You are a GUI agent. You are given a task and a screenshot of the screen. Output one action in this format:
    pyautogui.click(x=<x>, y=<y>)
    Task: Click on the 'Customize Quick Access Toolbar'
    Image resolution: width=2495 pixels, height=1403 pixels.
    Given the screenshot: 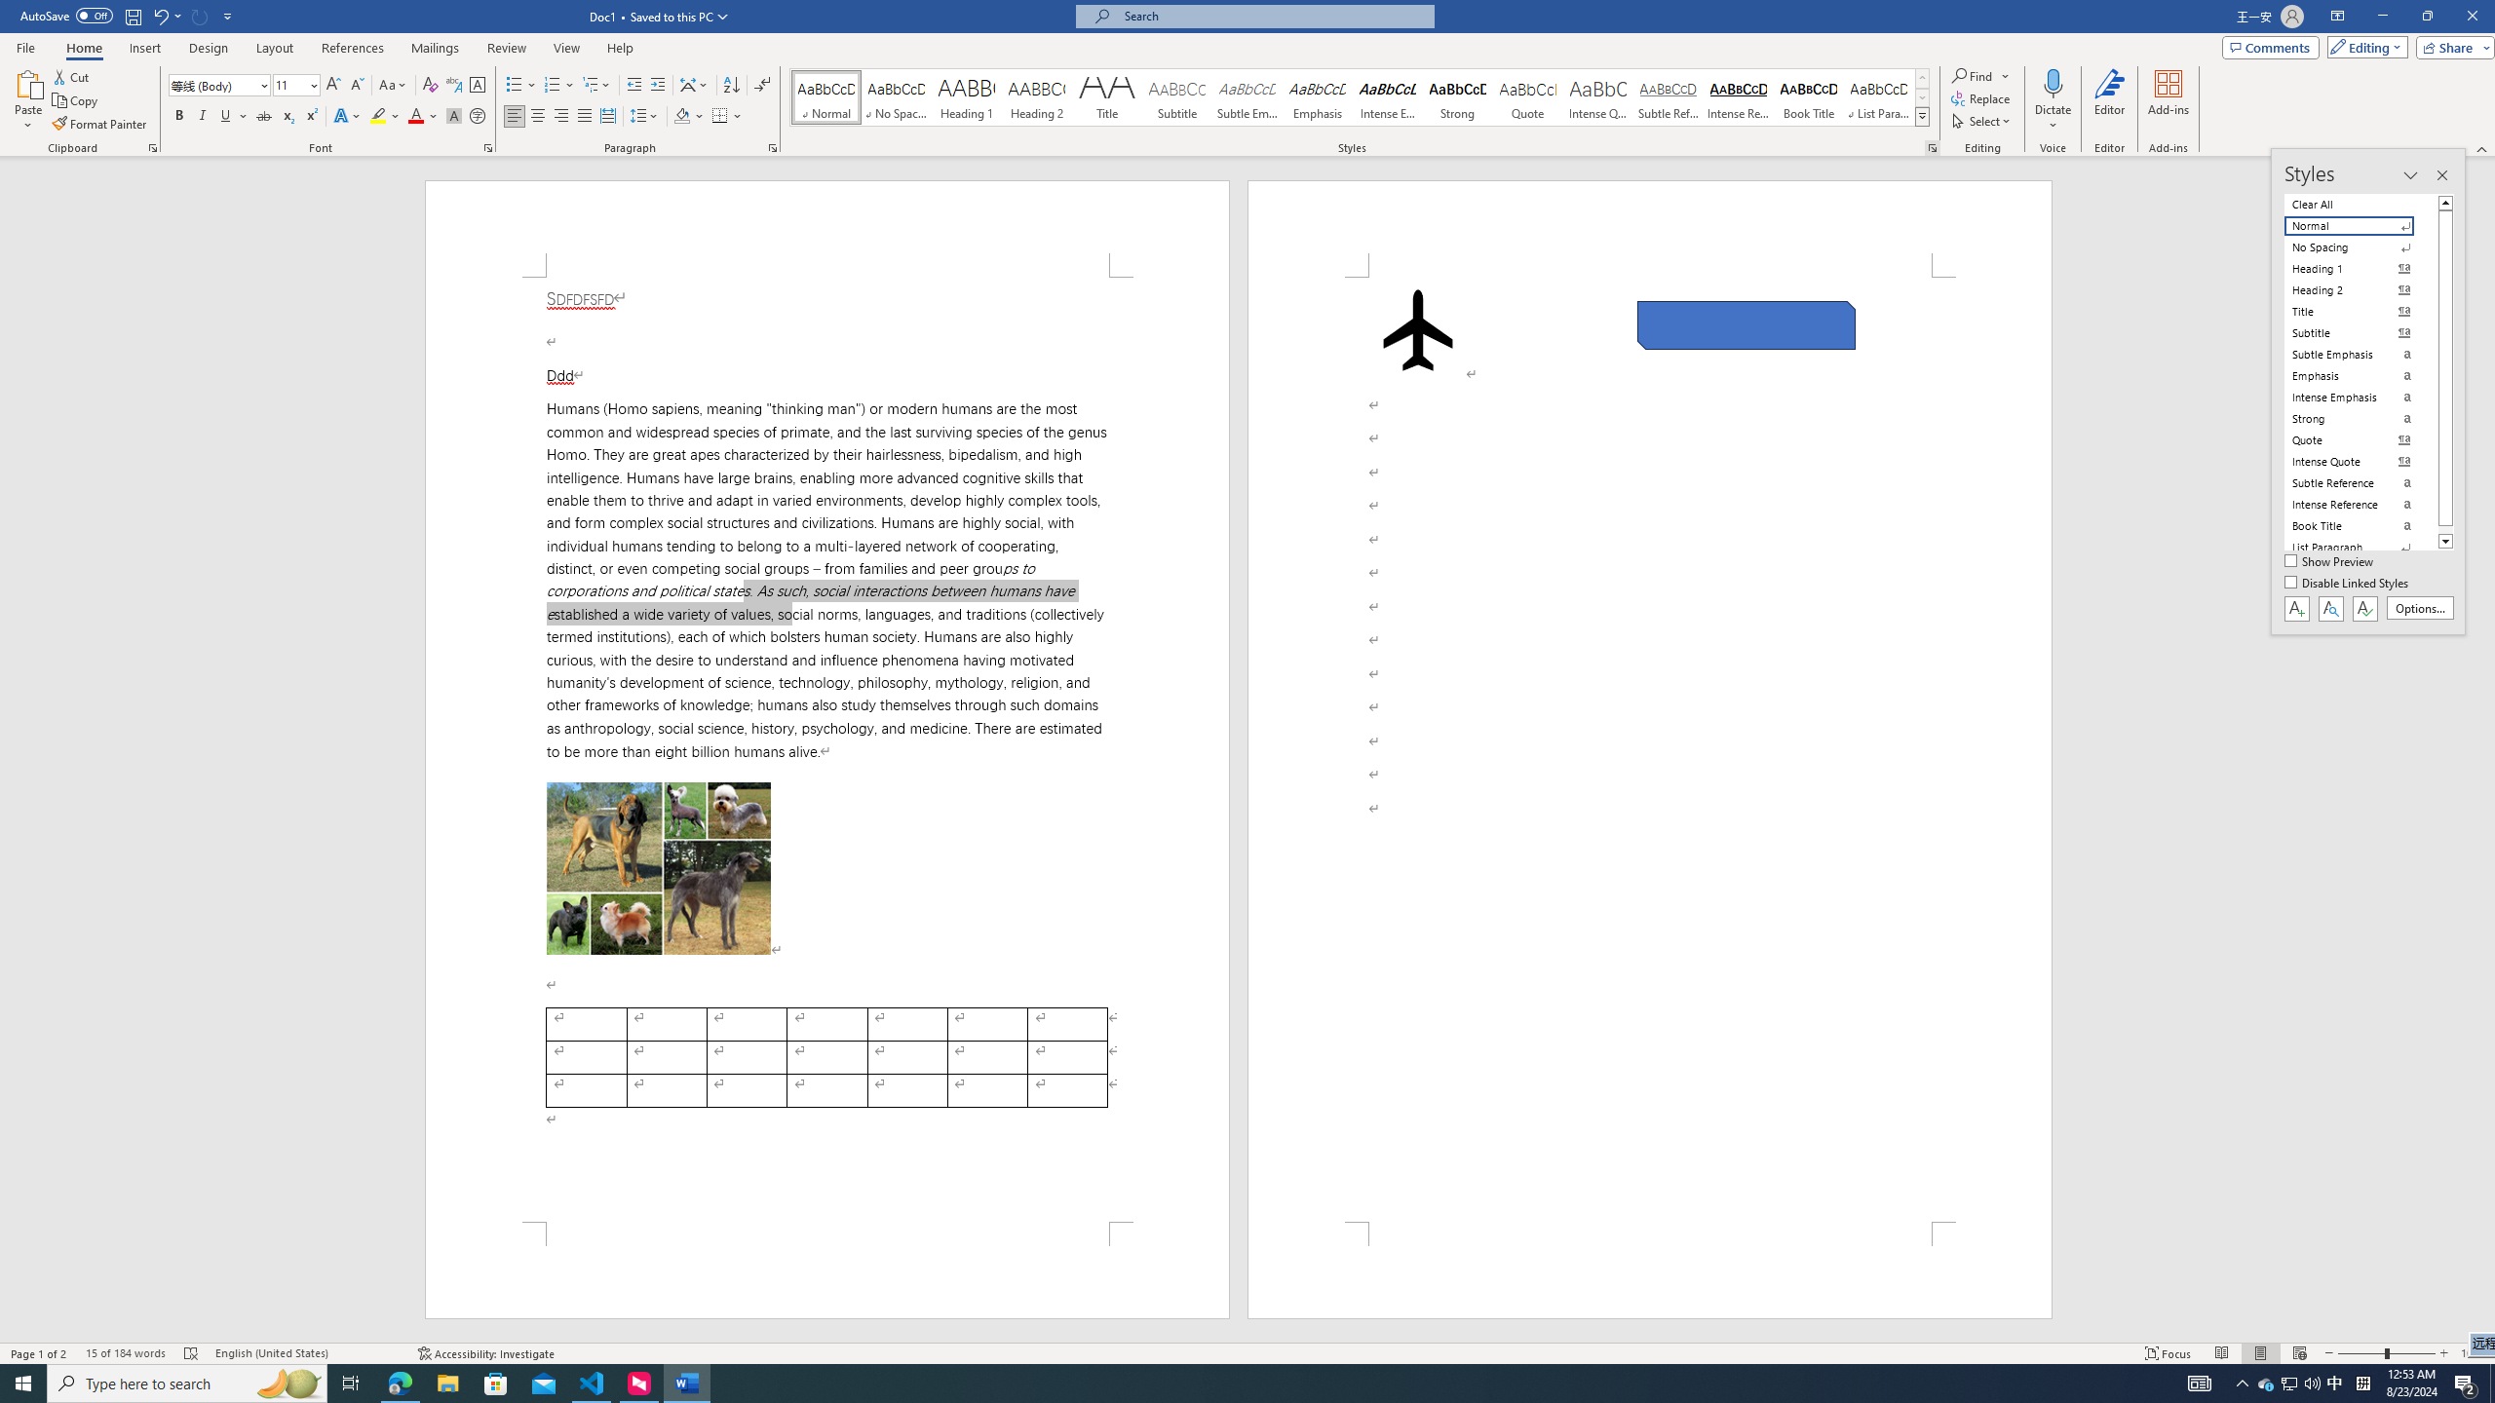 What is the action you would take?
    pyautogui.click(x=227, y=15)
    